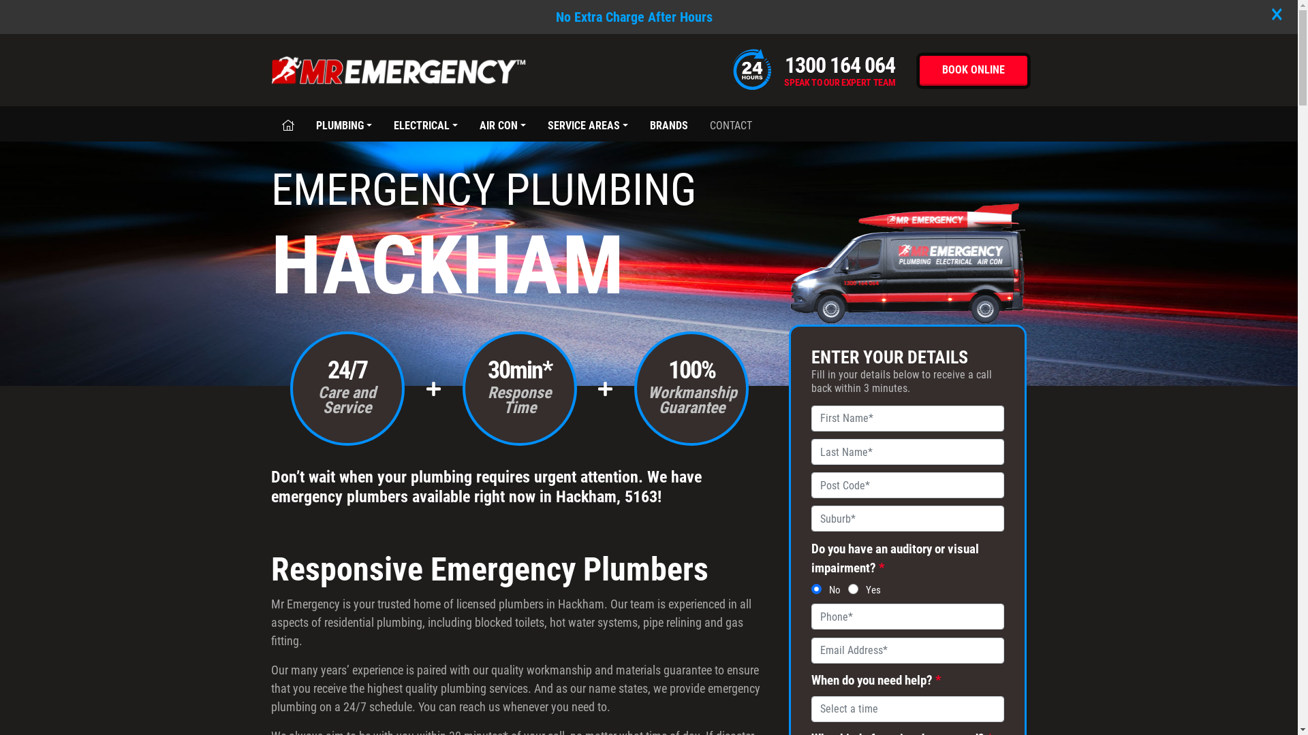 The width and height of the screenshot is (1308, 735). Describe the element at coordinates (973, 71) in the screenshot. I see `'BOOK ONLINE'` at that location.